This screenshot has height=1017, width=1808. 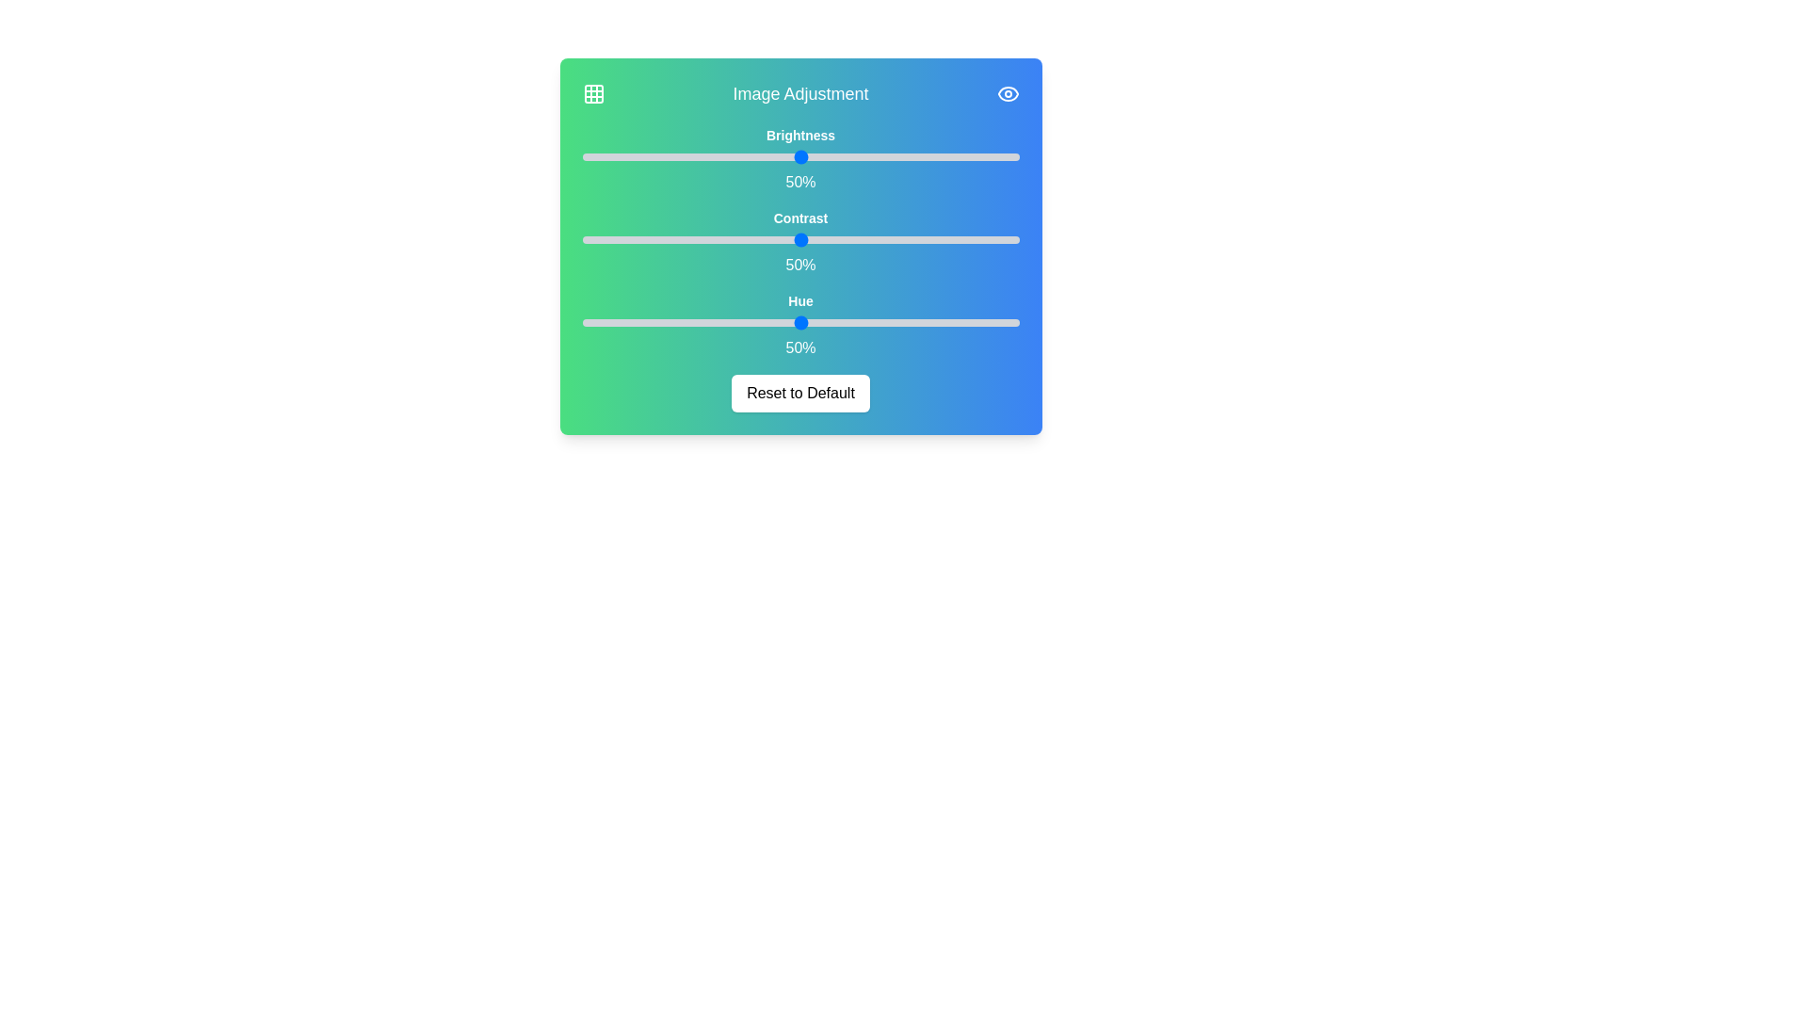 What do you see at coordinates (1007, 94) in the screenshot?
I see `the Eye icon in the header of the Image Adjustment Panel` at bounding box center [1007, 94].